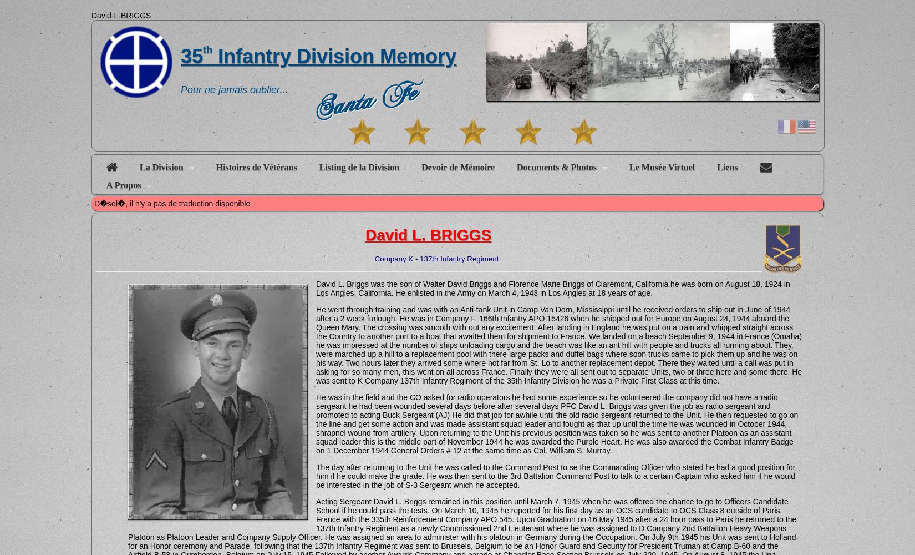 The height and width of the screenshot is (555, 915). What do you see at coordinates (552, 288) in the screenshot?
I see `'David L. Briggs was the son of Walter David Briggs and Florence Marie Briggs of Claremont, California he was born on August 18, 1924 in Los Angles, California. He enlisted in the Army on March 4, 1943 in Los Angles at 18 years of age.'` at bounding box center [552, 288].